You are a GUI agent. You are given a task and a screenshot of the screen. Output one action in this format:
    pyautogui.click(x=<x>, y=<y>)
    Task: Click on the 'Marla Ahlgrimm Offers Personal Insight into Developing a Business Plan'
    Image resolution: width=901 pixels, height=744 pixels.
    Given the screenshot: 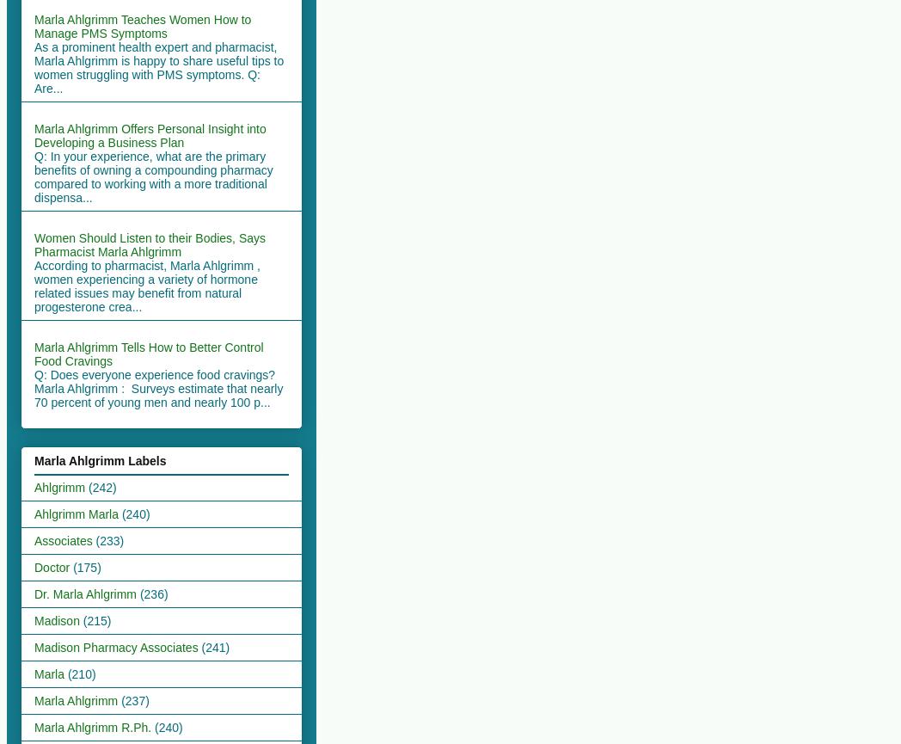 What is the action you would take?
    pyautogui.click(x=150, y=133)
    